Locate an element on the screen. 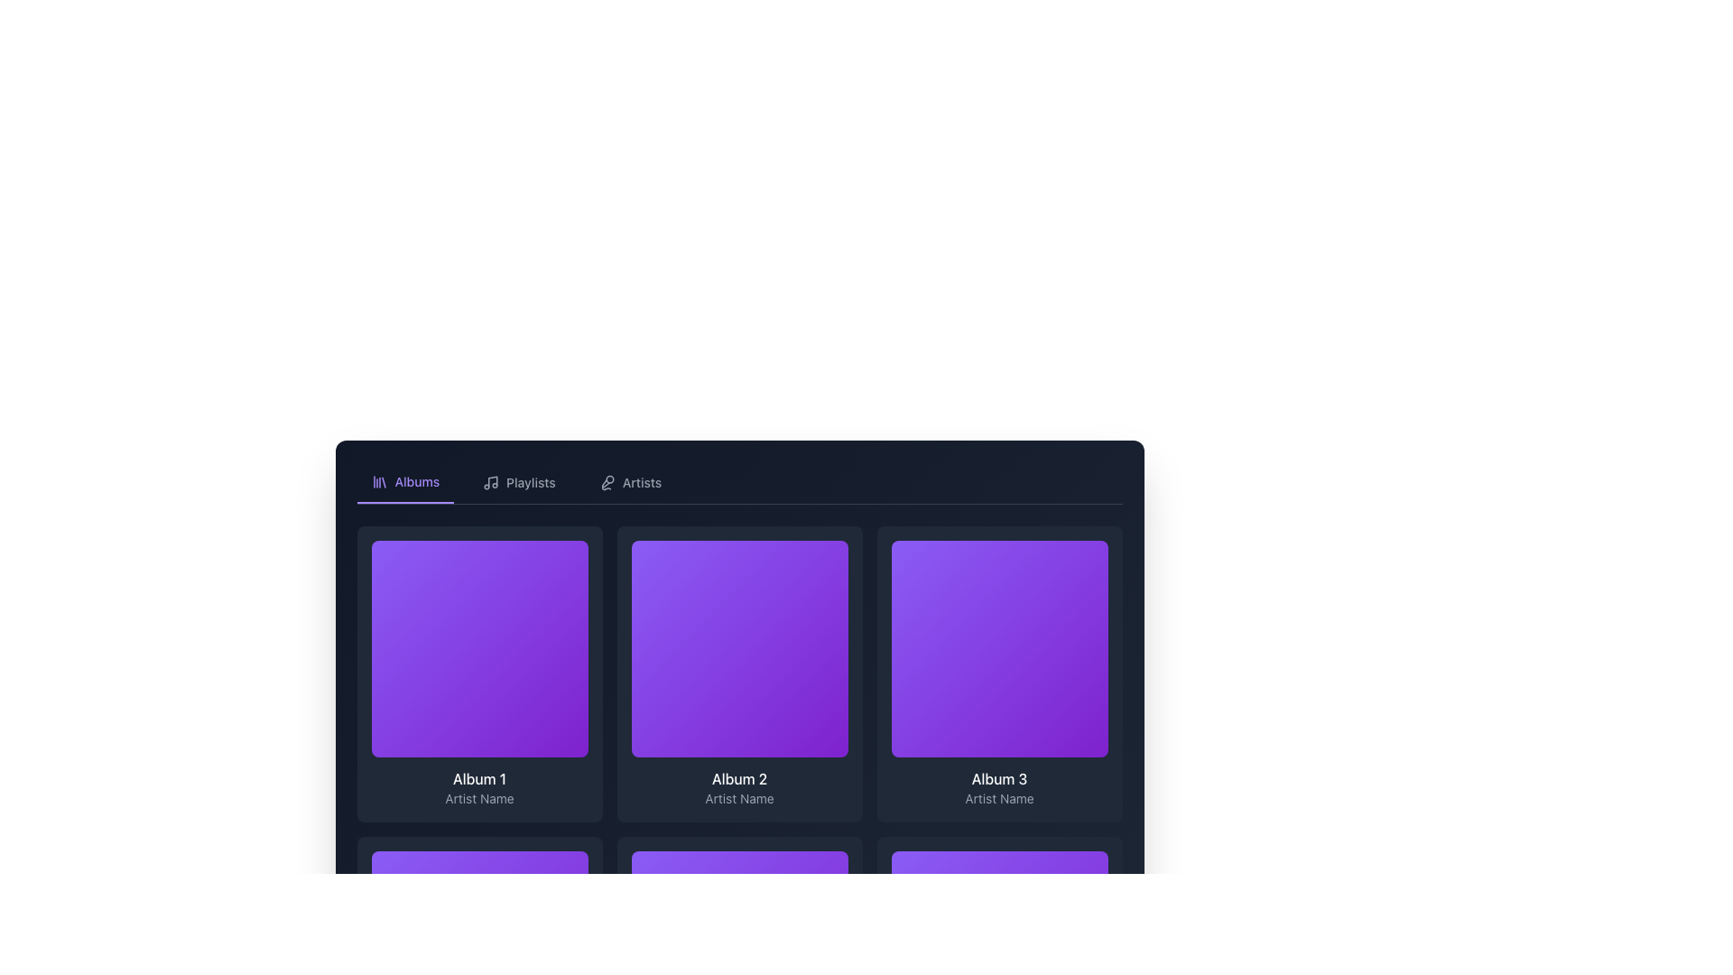  the Card-like UI component representing 'Album 3' in the grid layout, which is the third item in the first row is located at coordinates (998, 674).